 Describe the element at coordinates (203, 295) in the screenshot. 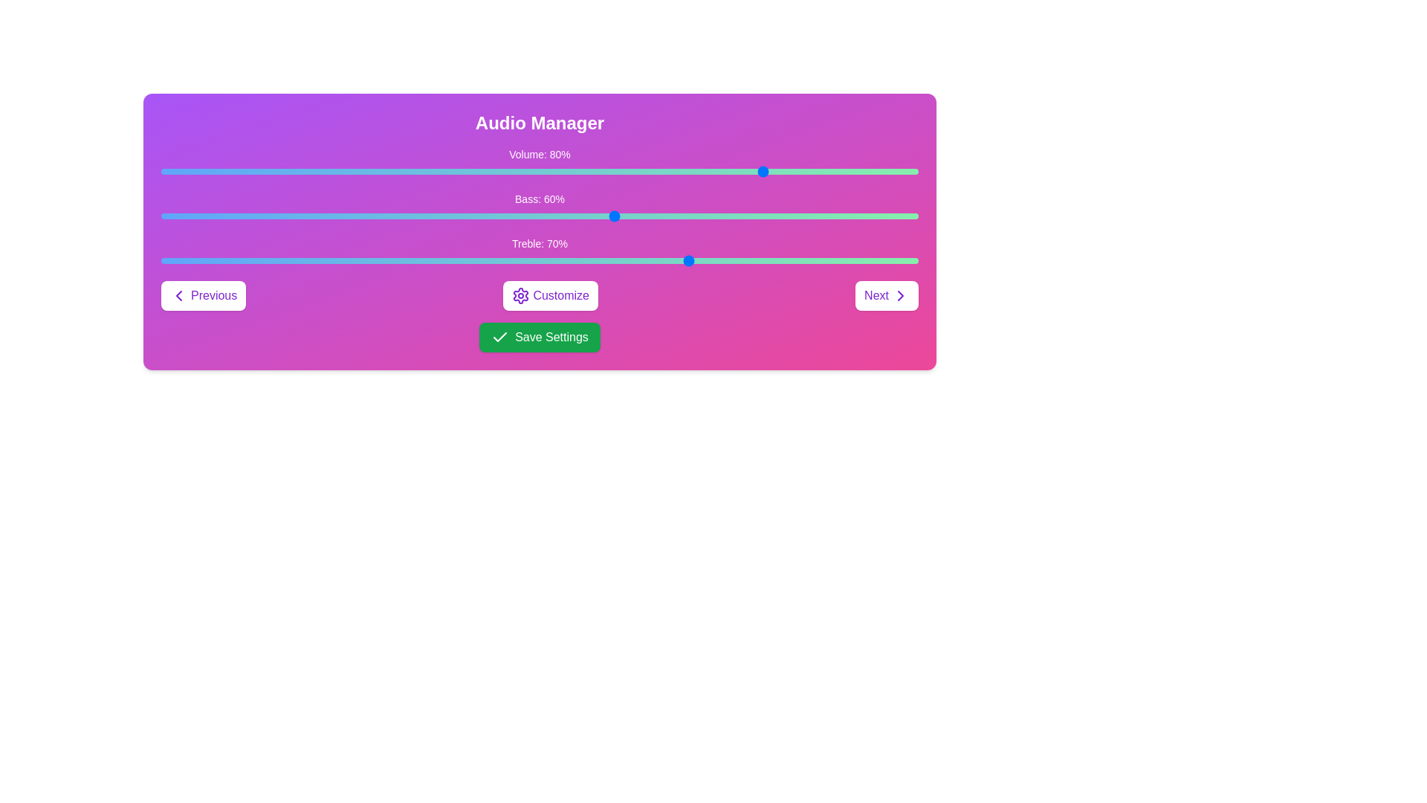

I see `the 'Previous' button, which is a rounded rectangular button with a white background and purple text, located in the bottom-left corner of the card` at that location.